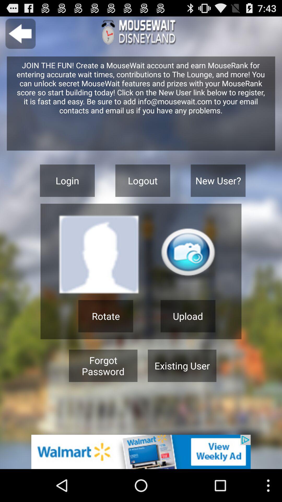 This screenshot has width=282, height=502. Describe the element at coordinates (20, 33) in the screenshot. I see `go back` at that location.